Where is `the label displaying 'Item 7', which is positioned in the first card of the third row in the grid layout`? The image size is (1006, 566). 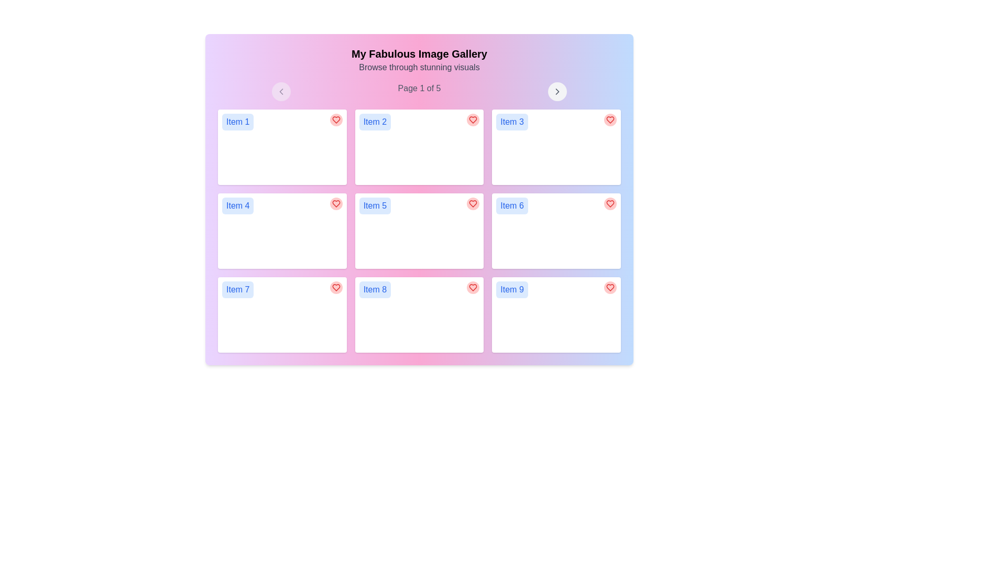
the label displaying 'Item 7', which is positioned in the first card of the third row in the grid layout is located at coordinates (237, 289).